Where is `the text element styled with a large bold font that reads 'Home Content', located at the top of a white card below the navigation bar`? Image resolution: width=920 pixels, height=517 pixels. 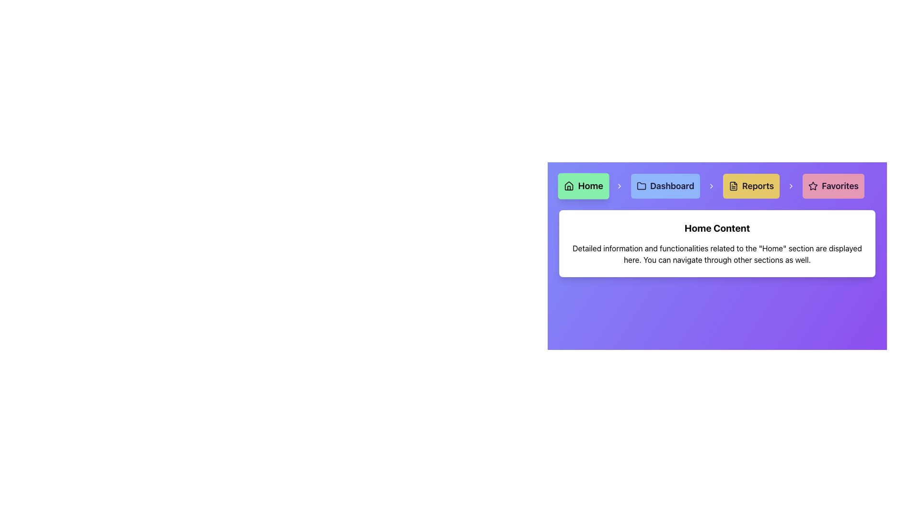 the text element styled with a large bold font that reads 'Home Content', located at the top of a white card below the navigation bar is located at coordinates (717, 228).